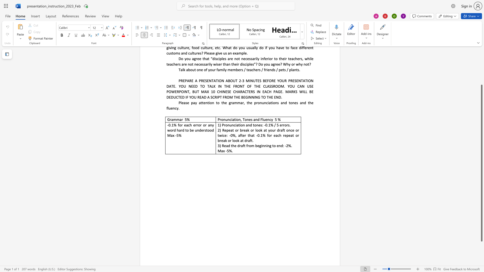 This screenshot has width=484, height=272. Describe the element at coordinates (481, 63) in the screenshot. I see `the scrollbar to scroll upward` at that location.